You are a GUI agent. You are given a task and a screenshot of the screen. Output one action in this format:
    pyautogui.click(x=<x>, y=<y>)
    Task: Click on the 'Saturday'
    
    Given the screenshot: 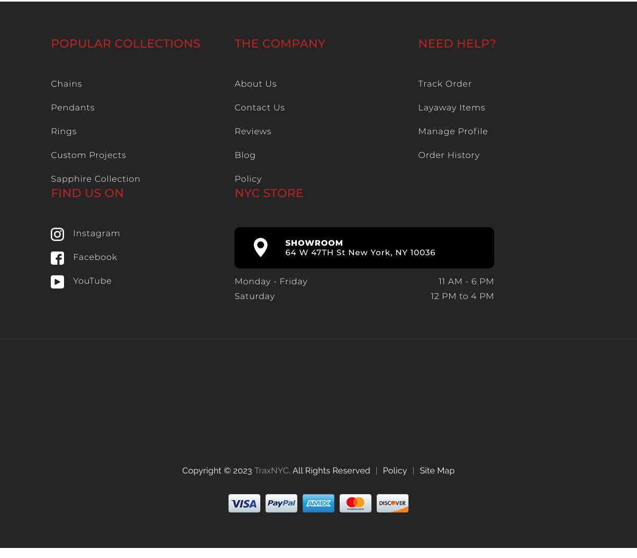 What is the action you would take?
    pyautogui.click(x=254, y=296)
    